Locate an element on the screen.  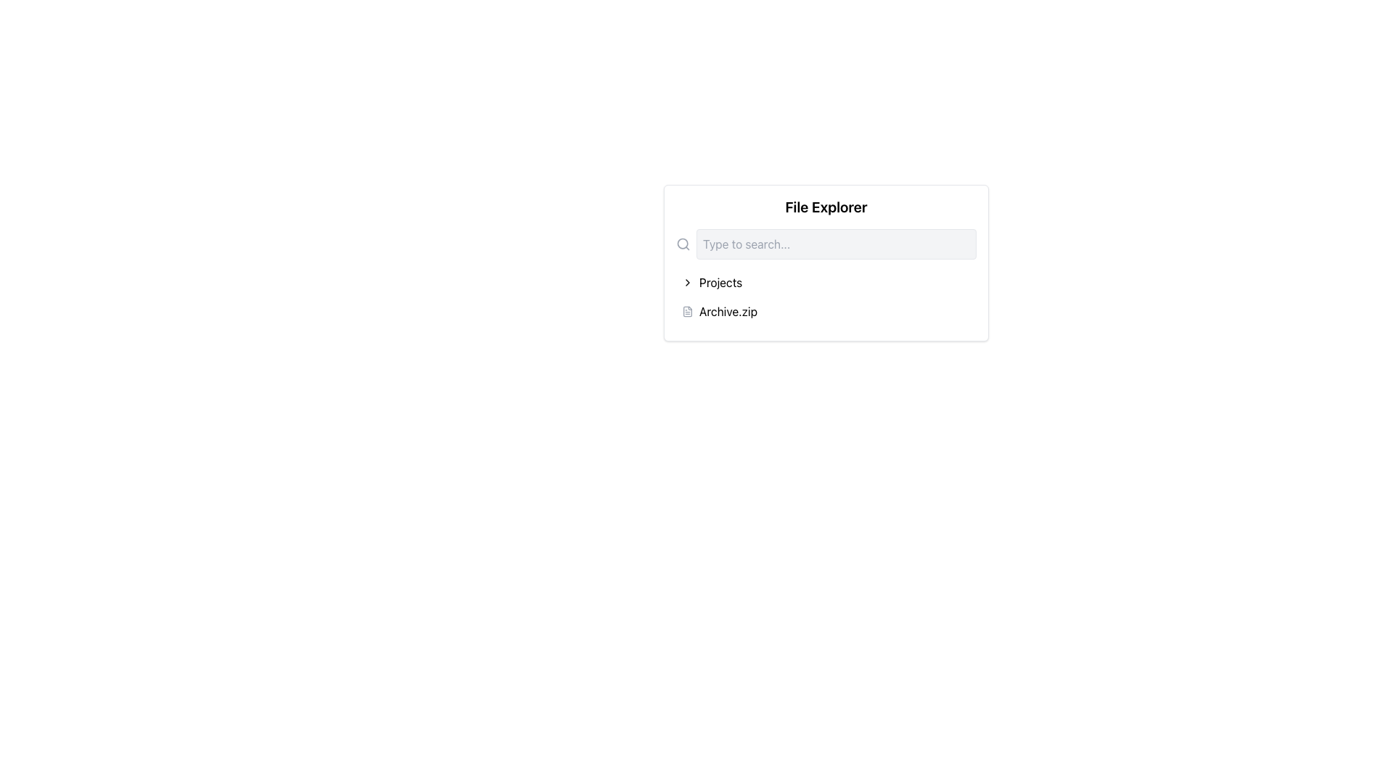
the document-shaped icon with a folded corner associated with 'Archive.zip' is located at coordinates (687, 310).